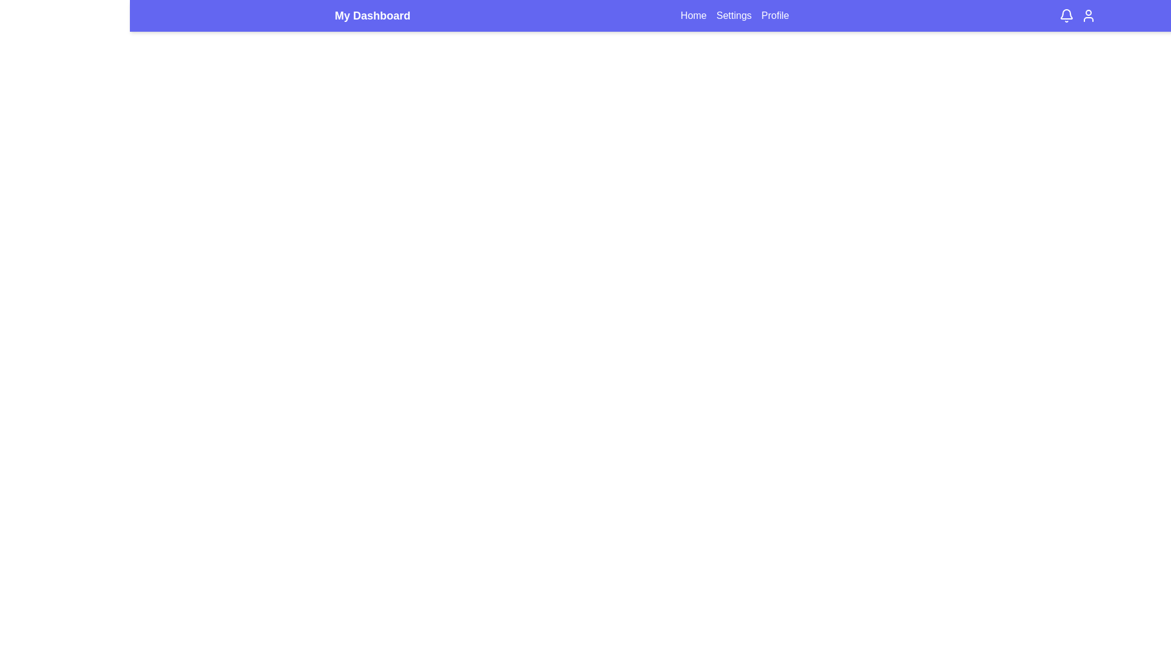 The image size is (1171, 659). Describe the element at coordinates (734, 16) in the screenshot. I see `the 'Settings' button located in the navigation bar at the top right of the application` at that location.